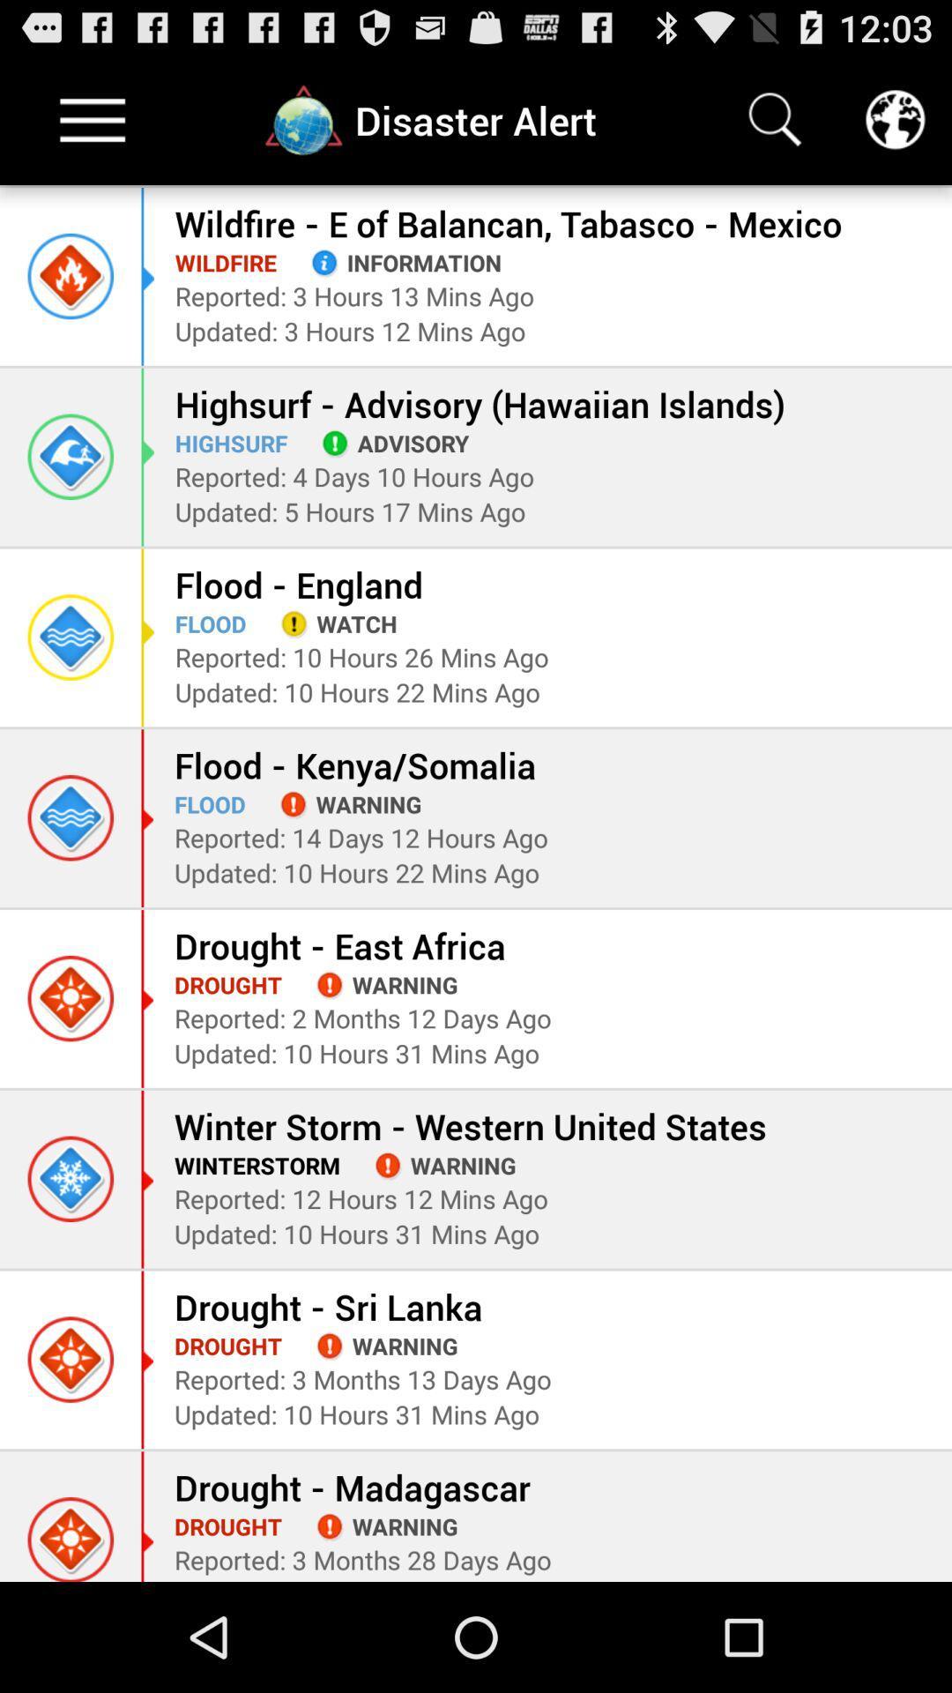 The height and width of the screenshot is (1693, 952). What do you see at coordinates (93, 119) in the screenshot?
I see `the menu bar` at bounding box center [93, 119].